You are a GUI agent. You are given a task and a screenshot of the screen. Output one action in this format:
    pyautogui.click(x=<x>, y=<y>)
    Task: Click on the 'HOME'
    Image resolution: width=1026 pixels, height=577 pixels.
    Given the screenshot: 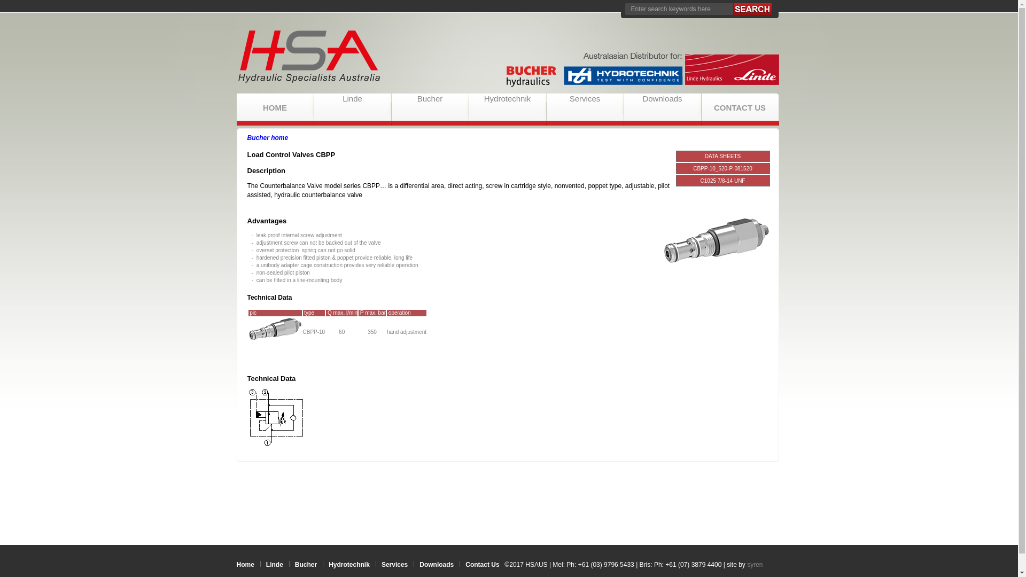 What is the action you would take?
    pyautogui.click(x=274, y=107)
    